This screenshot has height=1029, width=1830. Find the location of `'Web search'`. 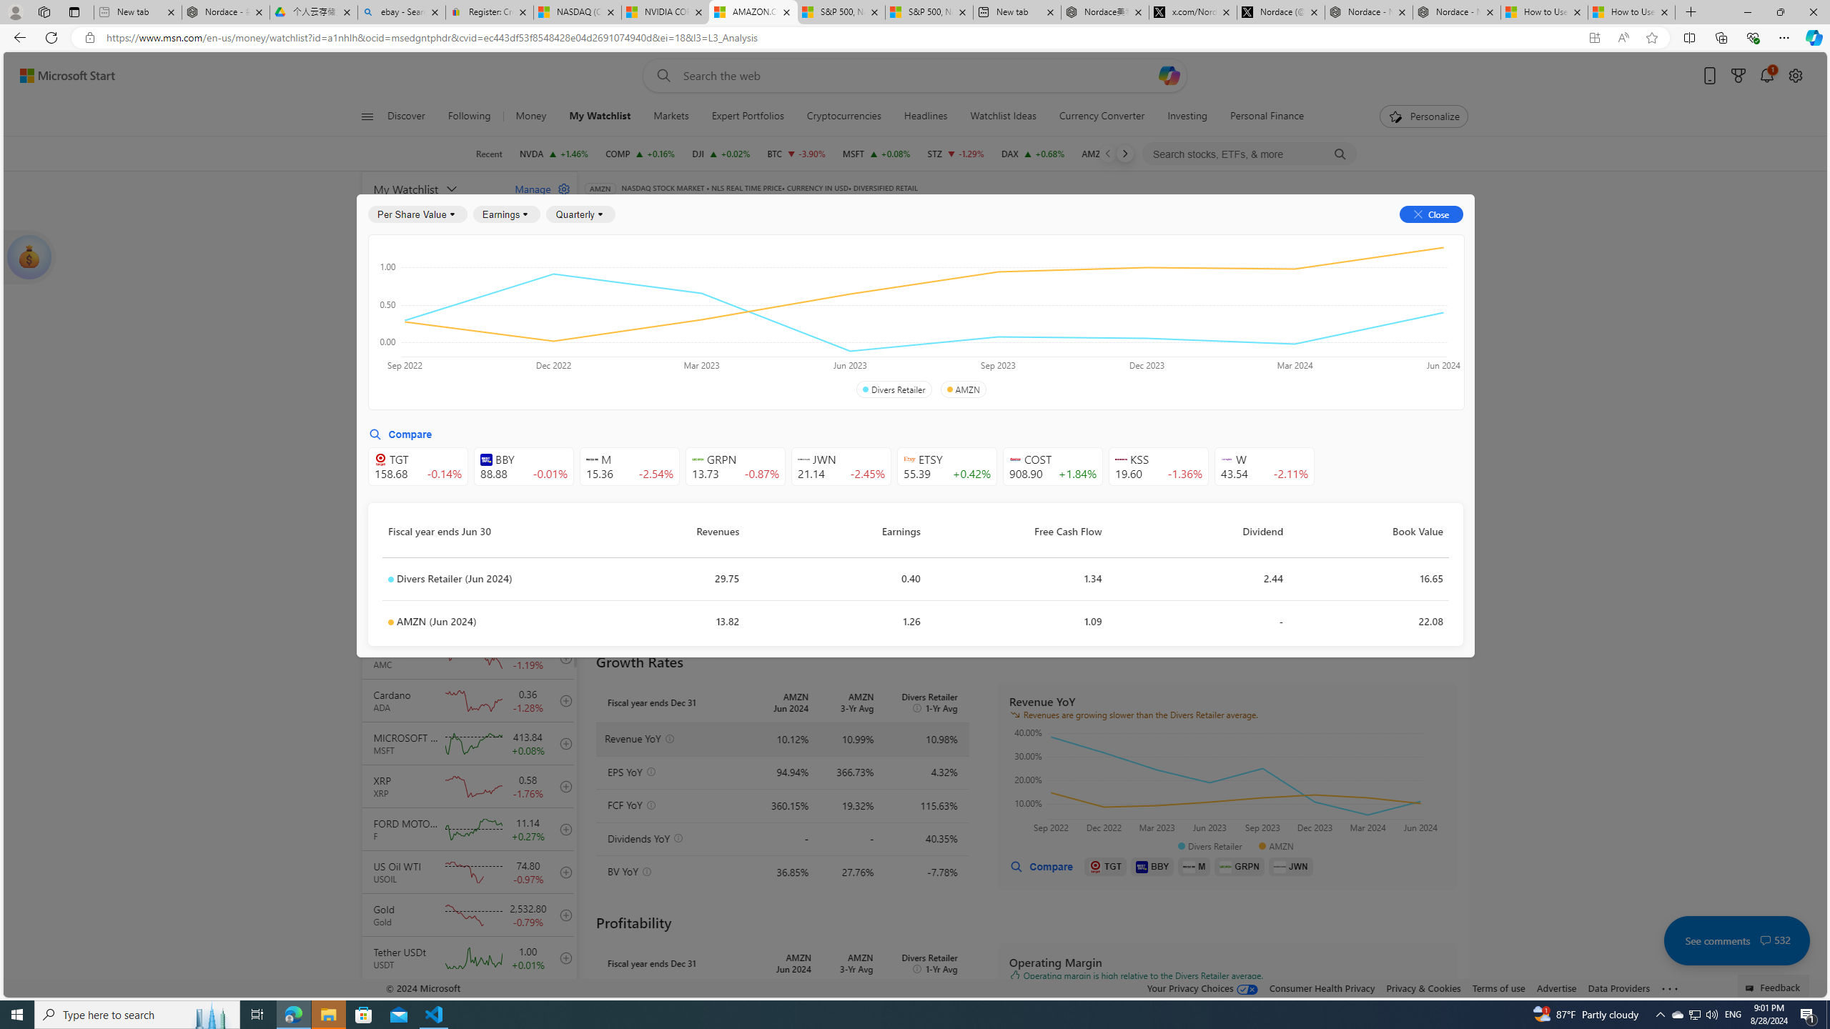

'Web search' is located at coordinates (661, 76).